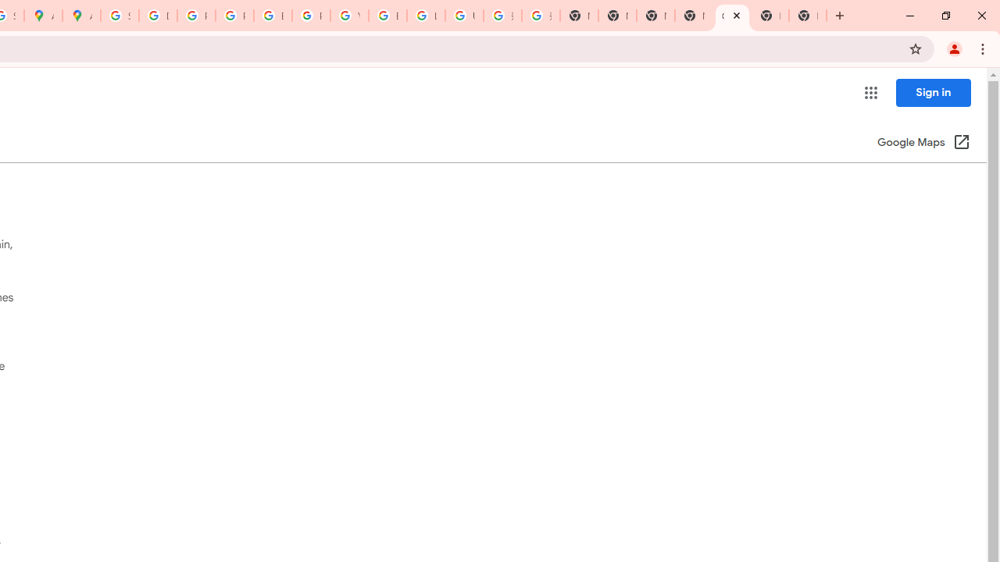  I want to click on 'Google Maps (Open in a new window)', so click(923, 143).